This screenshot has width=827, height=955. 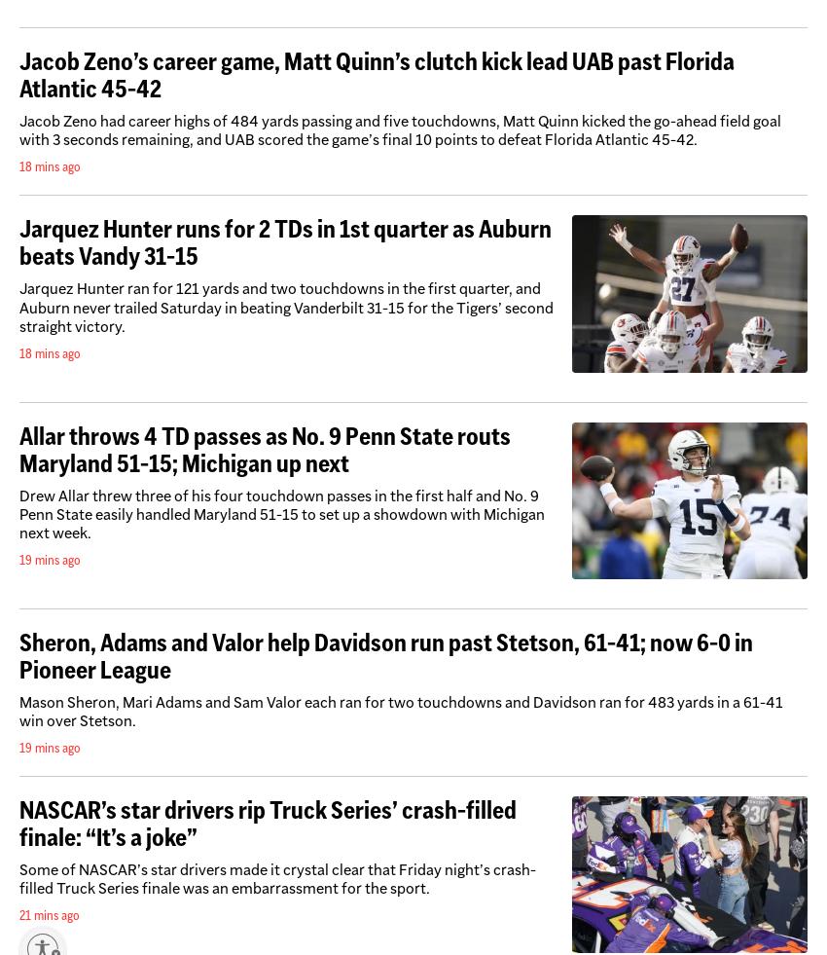 I want to click on 'Drew Allar threw three of his four touchdown passes in the first half and No. 9 Penn State easily handled Maryland 51-15 to set up a showdown with Michigan next week.', so click(x=281, y=513).